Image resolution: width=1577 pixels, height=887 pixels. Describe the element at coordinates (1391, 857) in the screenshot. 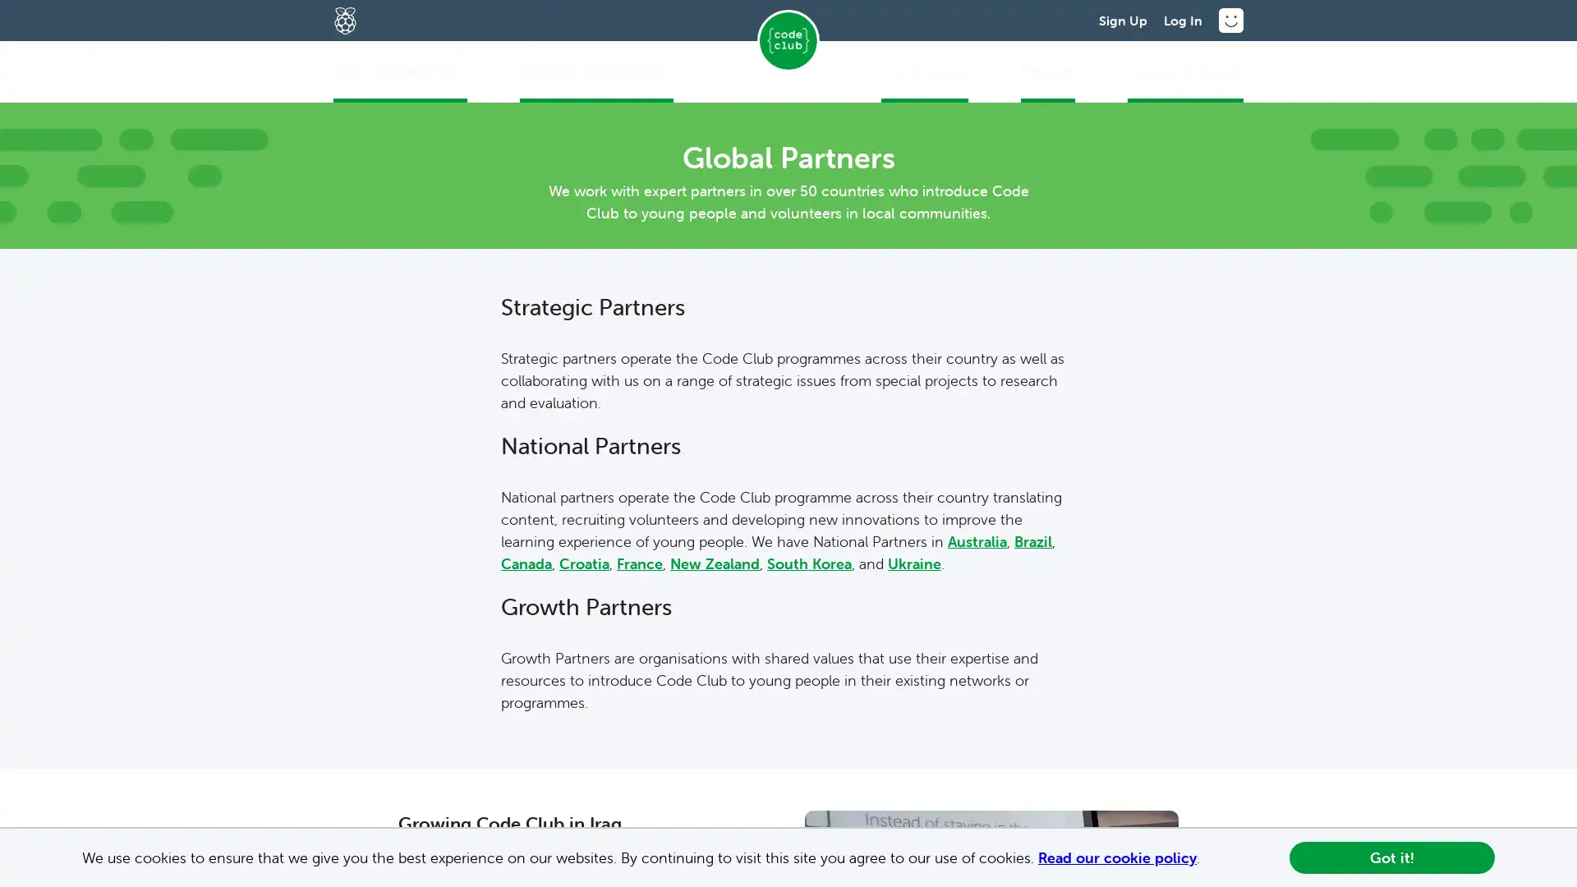

I see `dismiss cookie message` at that location.